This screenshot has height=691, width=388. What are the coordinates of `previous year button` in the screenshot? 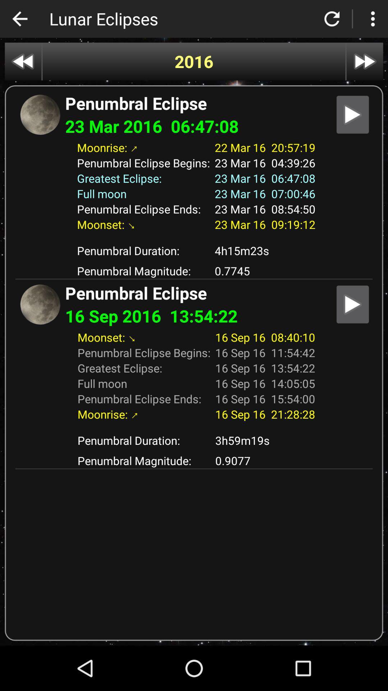 It's located at (23, 62).